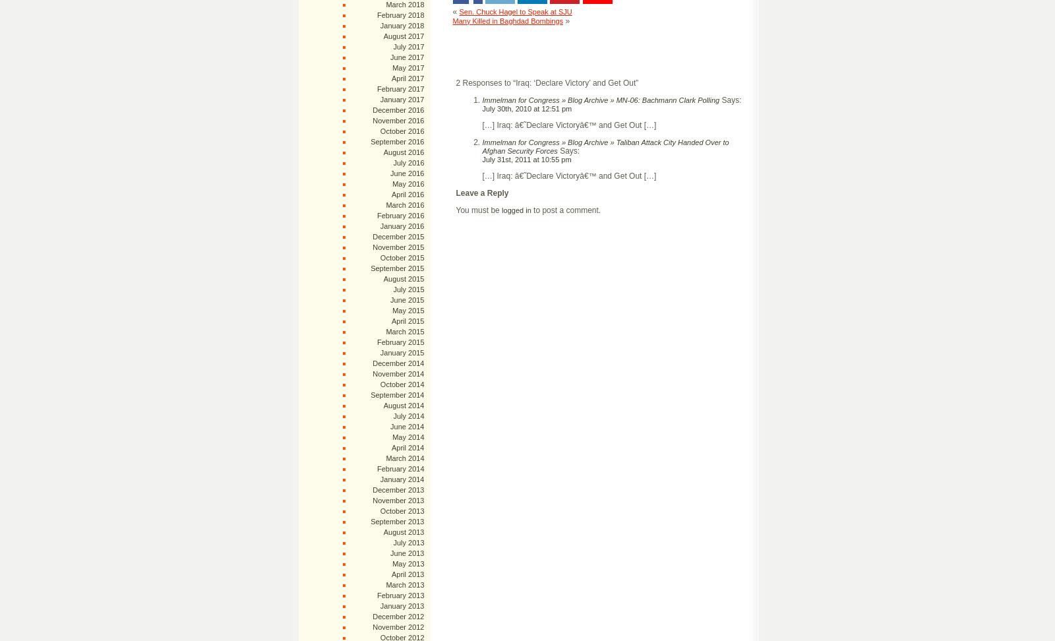 This screenshot has width=1055, height=641. I want to click on 'April 2014', so click(407, 447).